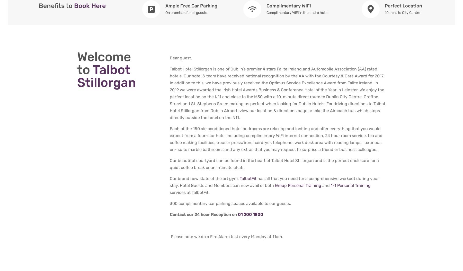 The image size is (463, 271). What do you see at coordinates (248, 178) in the screenshot?
I see `'TalbotFit'` at bounding box center [248, 178].